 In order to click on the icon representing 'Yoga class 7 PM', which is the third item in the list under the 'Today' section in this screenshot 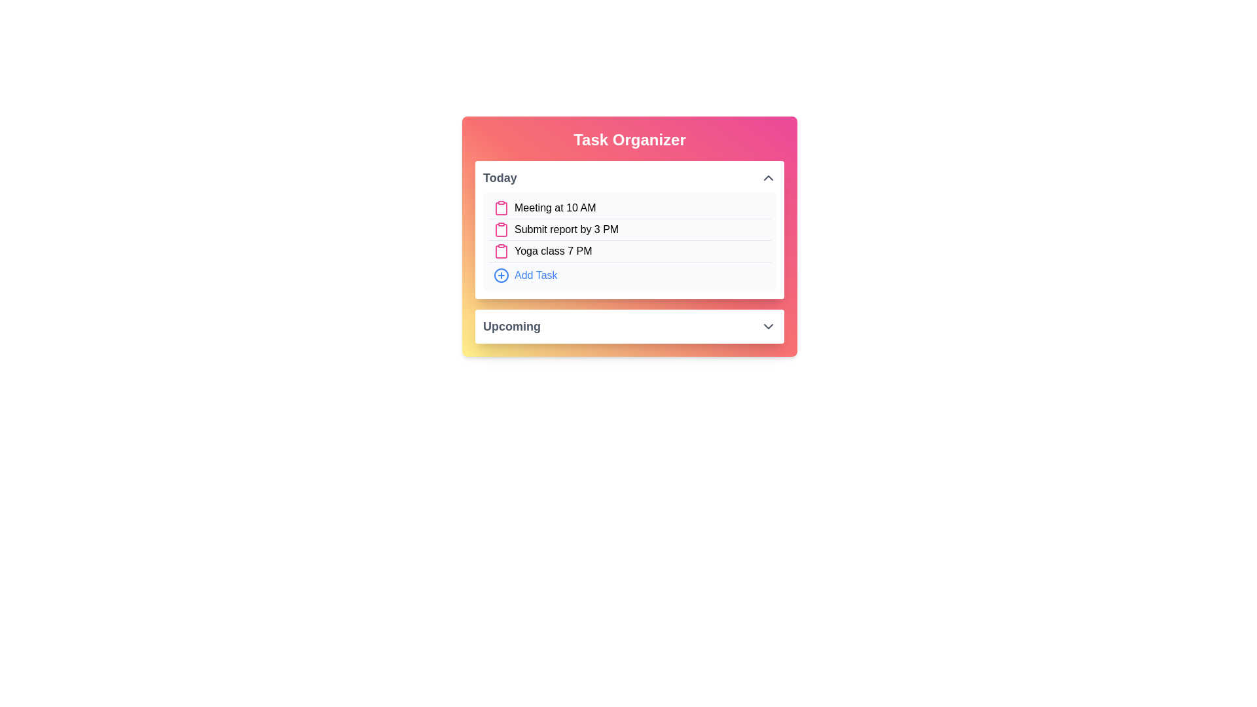, I will do `click(501, 251)`.